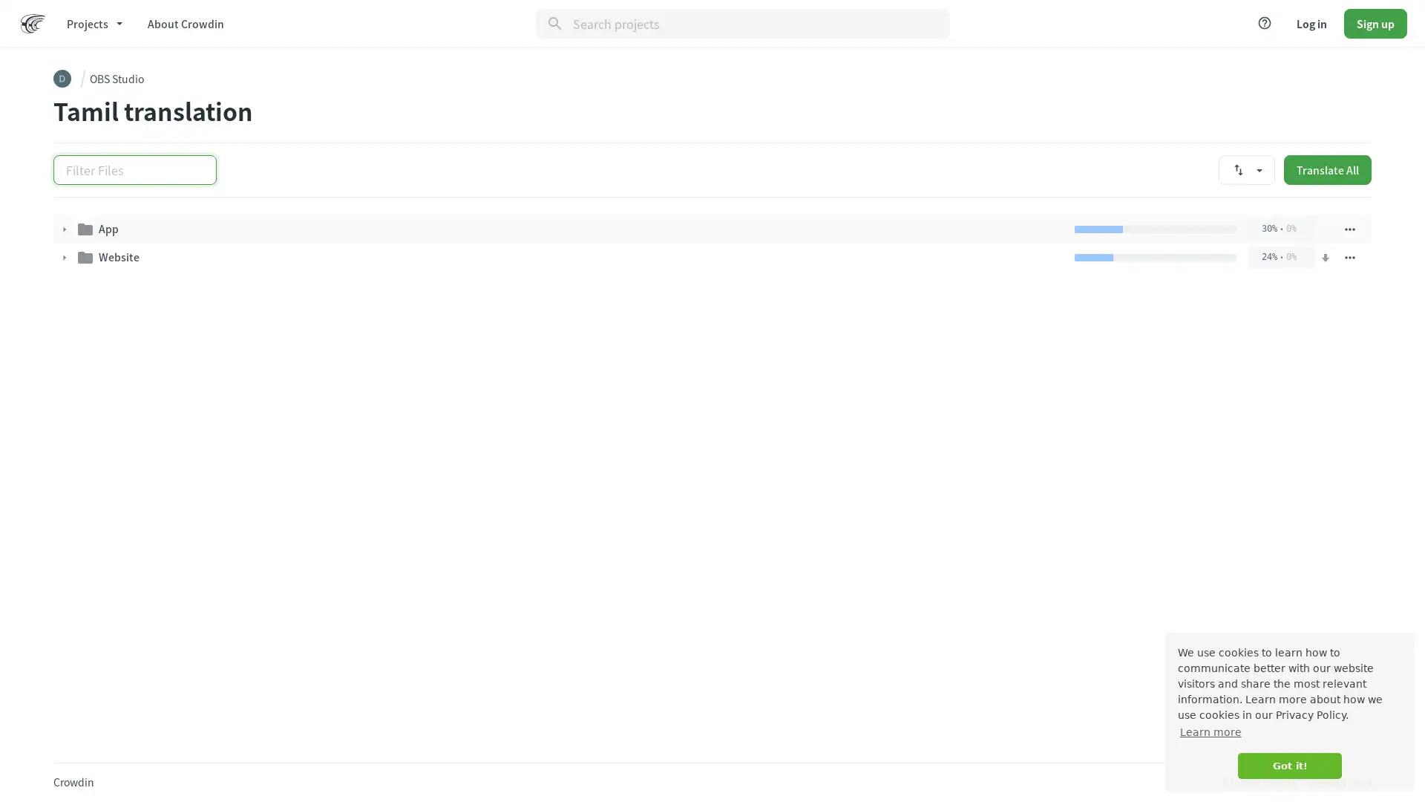  I want to click on import_export, so click(1247, 169).